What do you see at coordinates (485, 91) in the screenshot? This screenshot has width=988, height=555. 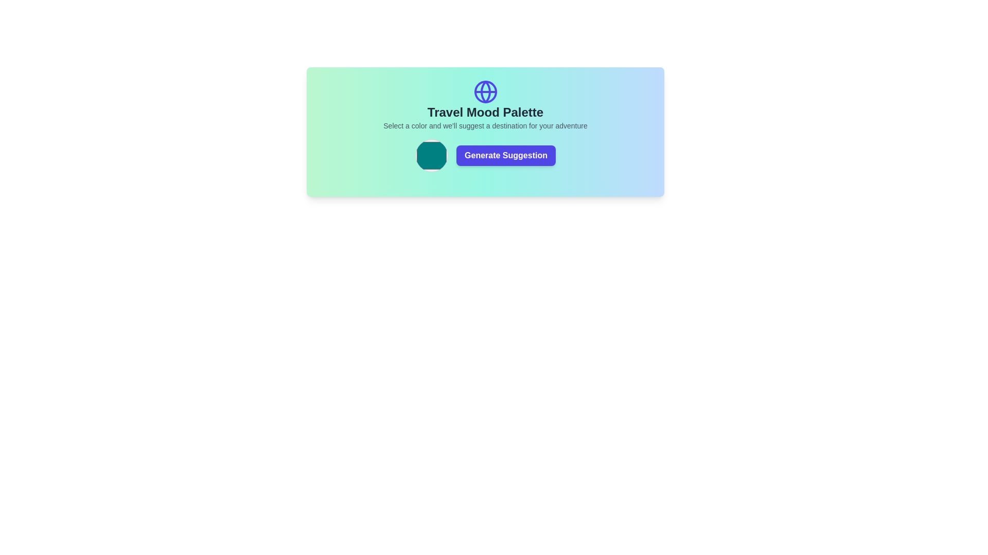 I see `the circular graphical component styled as a globe icon within the SVG, located above the title 'Travel Mood Palette'` at bounding box center [485, 91].